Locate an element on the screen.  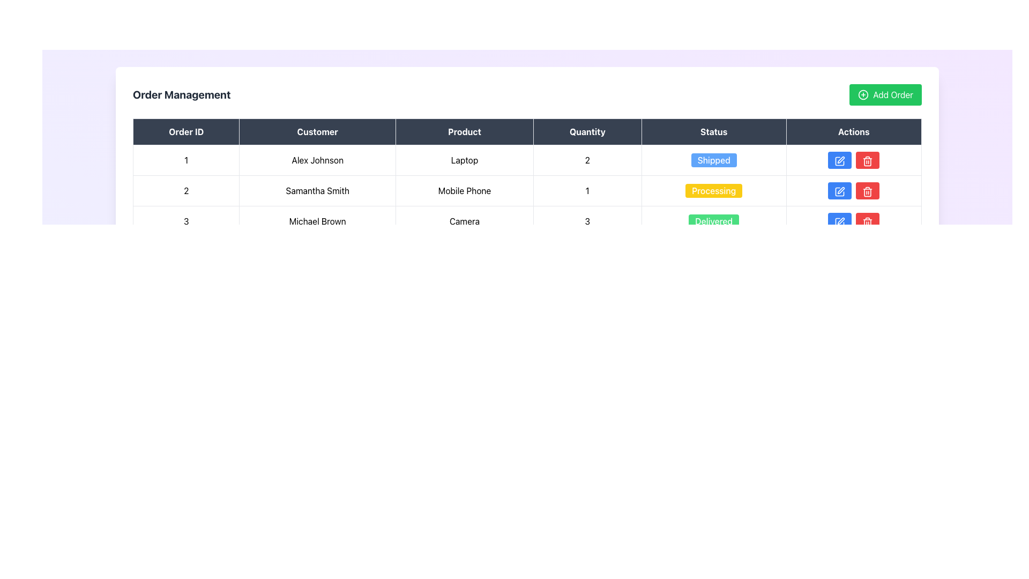
the 'Actions' text label, which is styled with a dark background and white text, located in the far-right column of the header row of a tabular layout is located at coordinates (853, 131).